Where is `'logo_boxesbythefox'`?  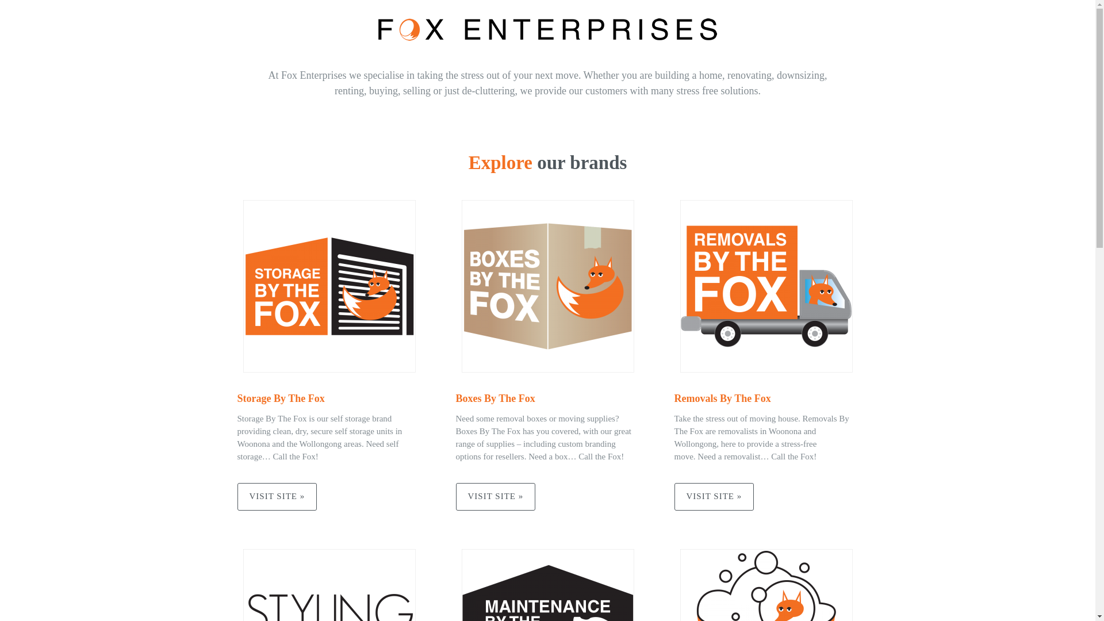 'logo_boxesbythefox' is located at coordinates (546, 285).